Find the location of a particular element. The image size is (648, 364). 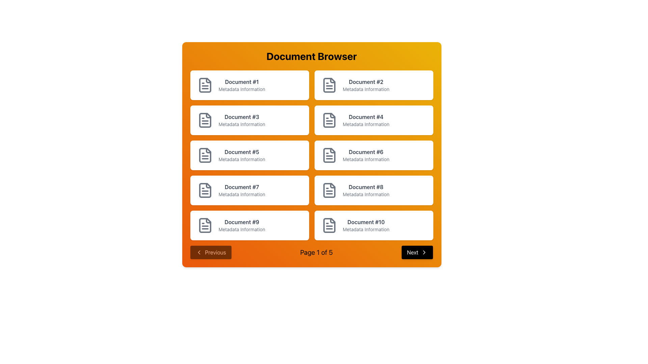

the text of the 'Document #1' and 'Metadata Information' in the top-left Text Display Section of the grid layout is located at coordinates (242, 85).